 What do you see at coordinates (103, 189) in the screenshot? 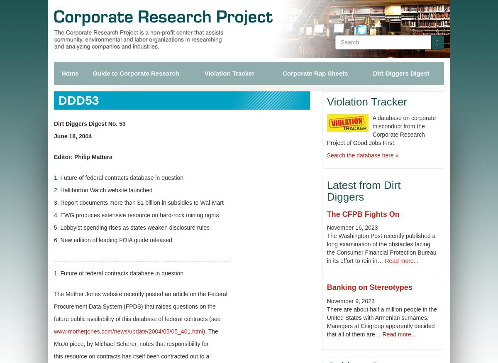
I see `'2. Halliburton Watch website launched'` at bounding box center [103, 189].